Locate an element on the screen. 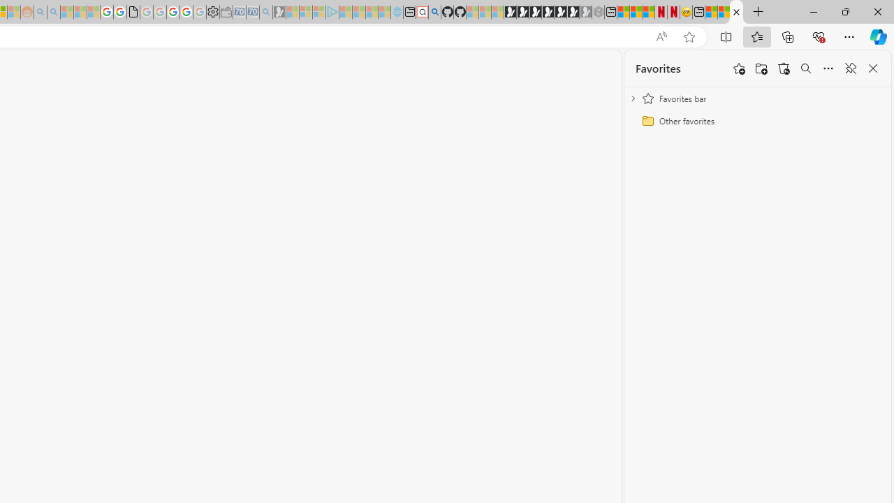 This screenshot has height=503, width=894. 'Add this page to favorites (Ctrl+D)' is located at coordinates (689, 36).